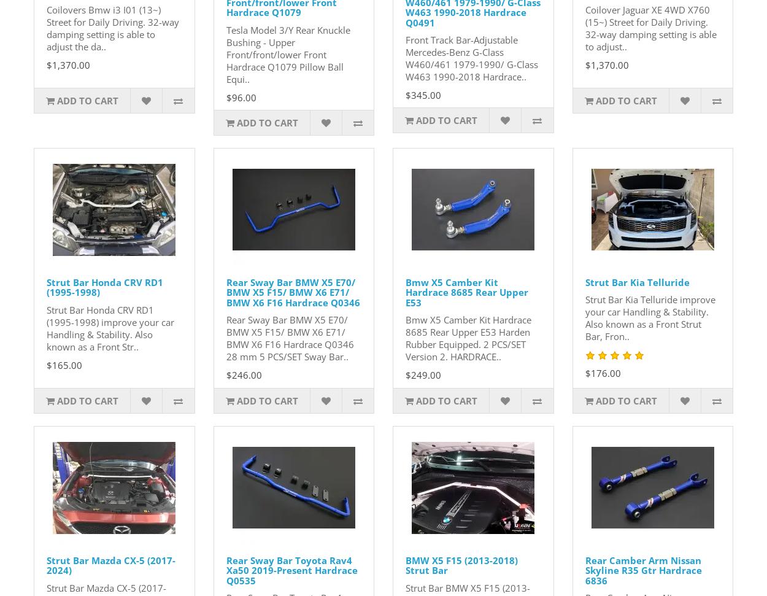 The width and height of the screenshot is (767, 596). What do you see at coordinates (423, 95) in the screenshot?
I see `'$345.00'` at bounding box center [423, 95].